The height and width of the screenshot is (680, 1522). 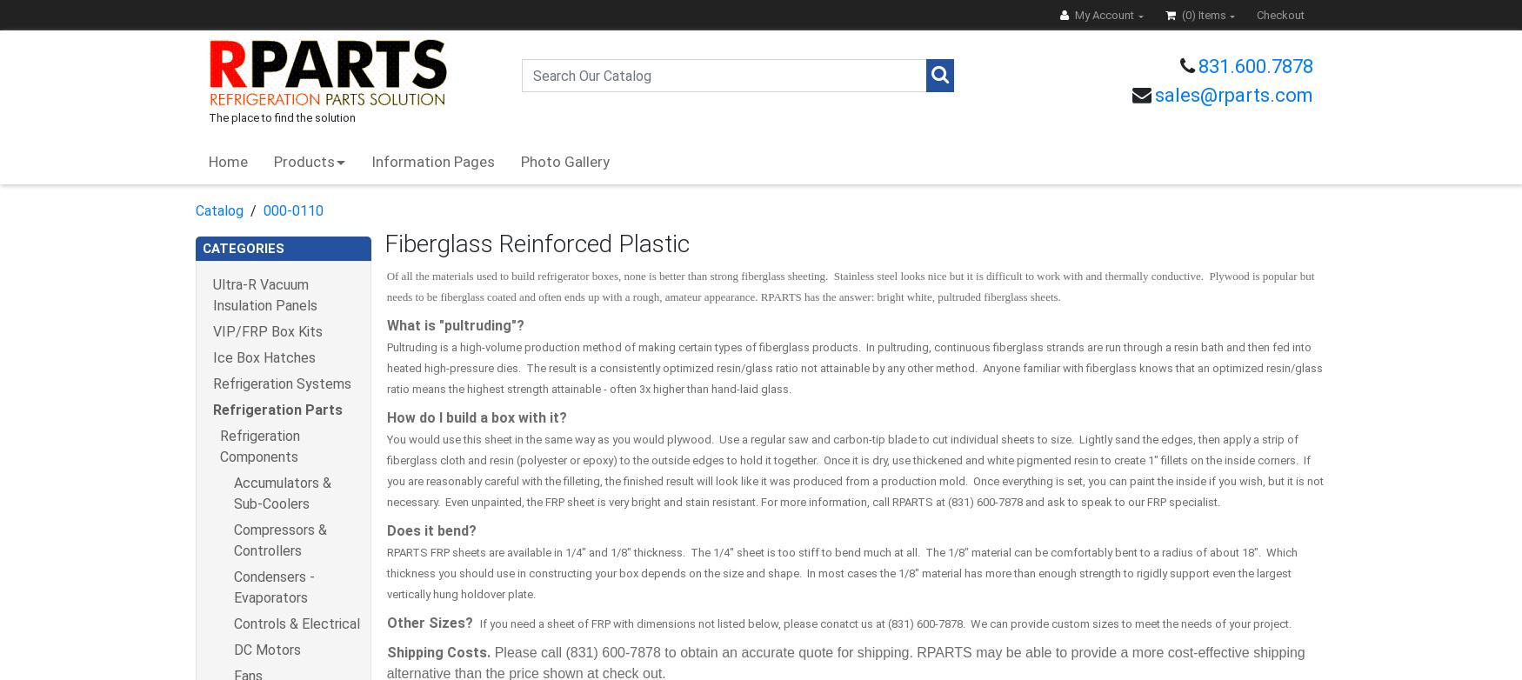 I want to click on 'If you need a sheet of FRP with dimensions not listed below, please conatct us at (831) 600-7878.  We can provide custom sizes to meet the needs of your project.', so click(x=884, y=623).